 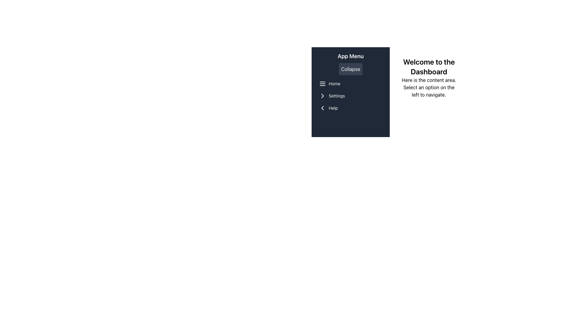 I want to click on the chevron icon next to the 'Settings' menu item, so click(x=322, y=96).